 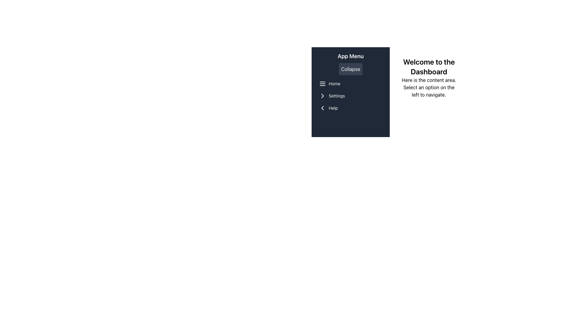 I want to click on the chevron icon next to the 'Settings' menu item, so click(x=322, y=96).